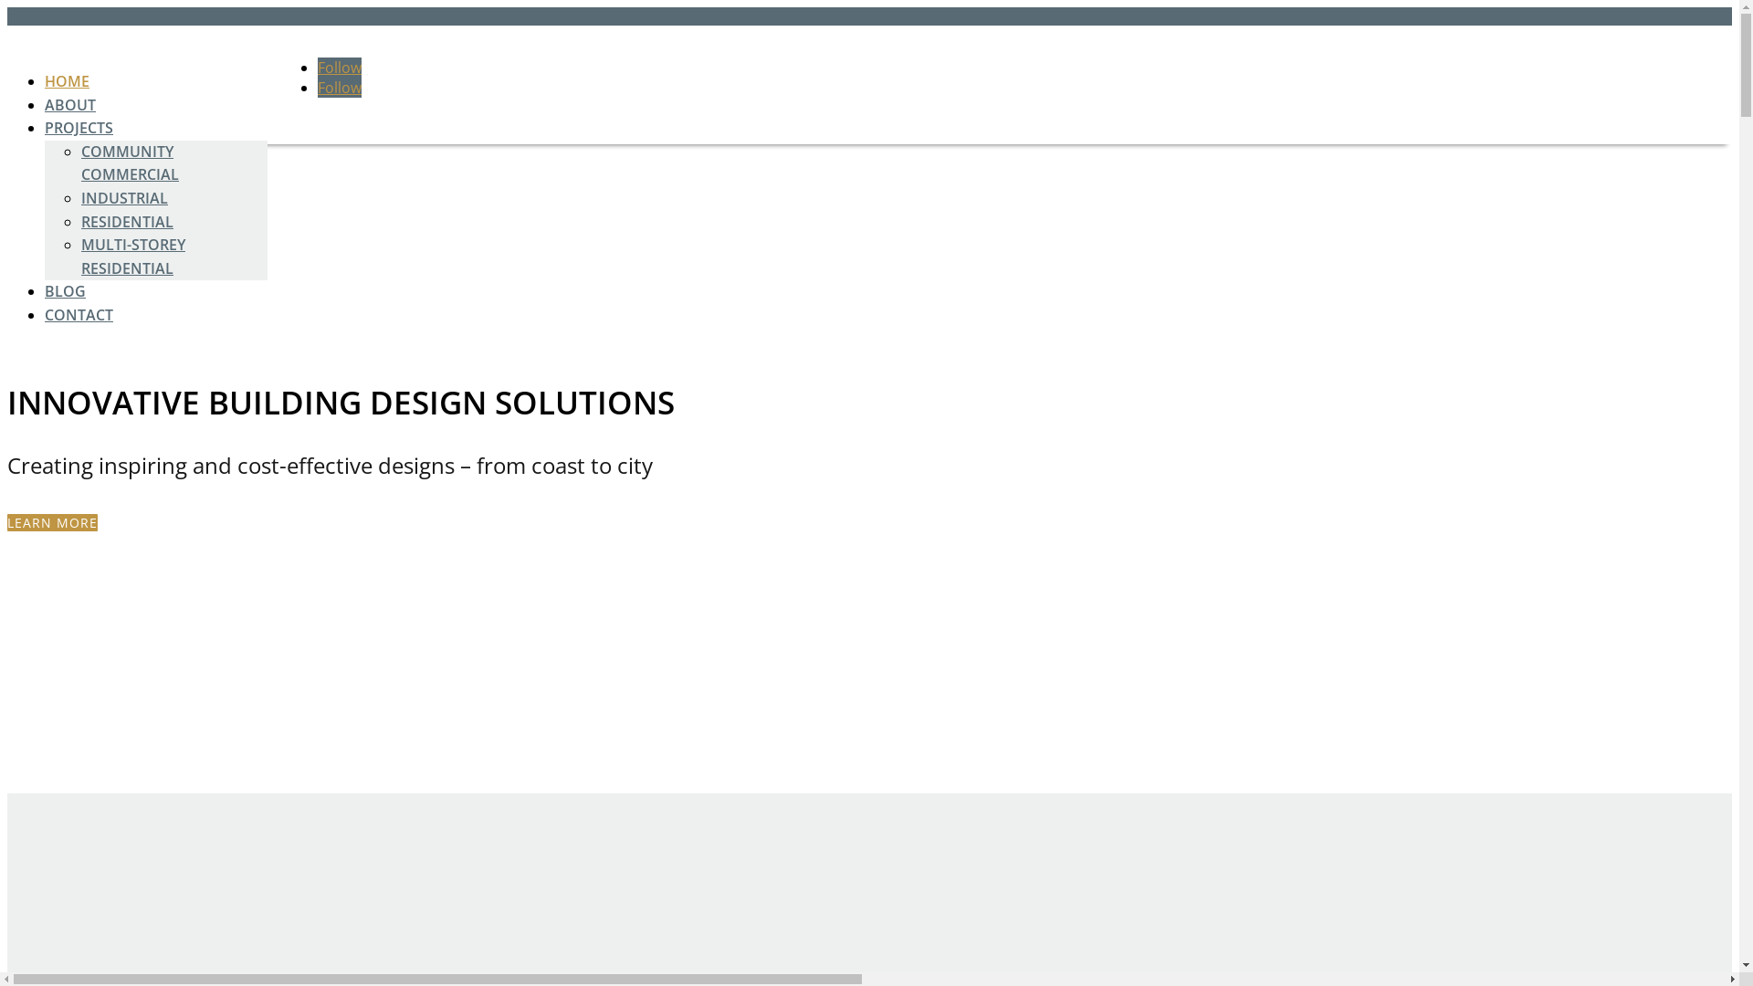 This screenshot has width=1753, height=986. I want to click on 'ABOUT', so click(69, 105).